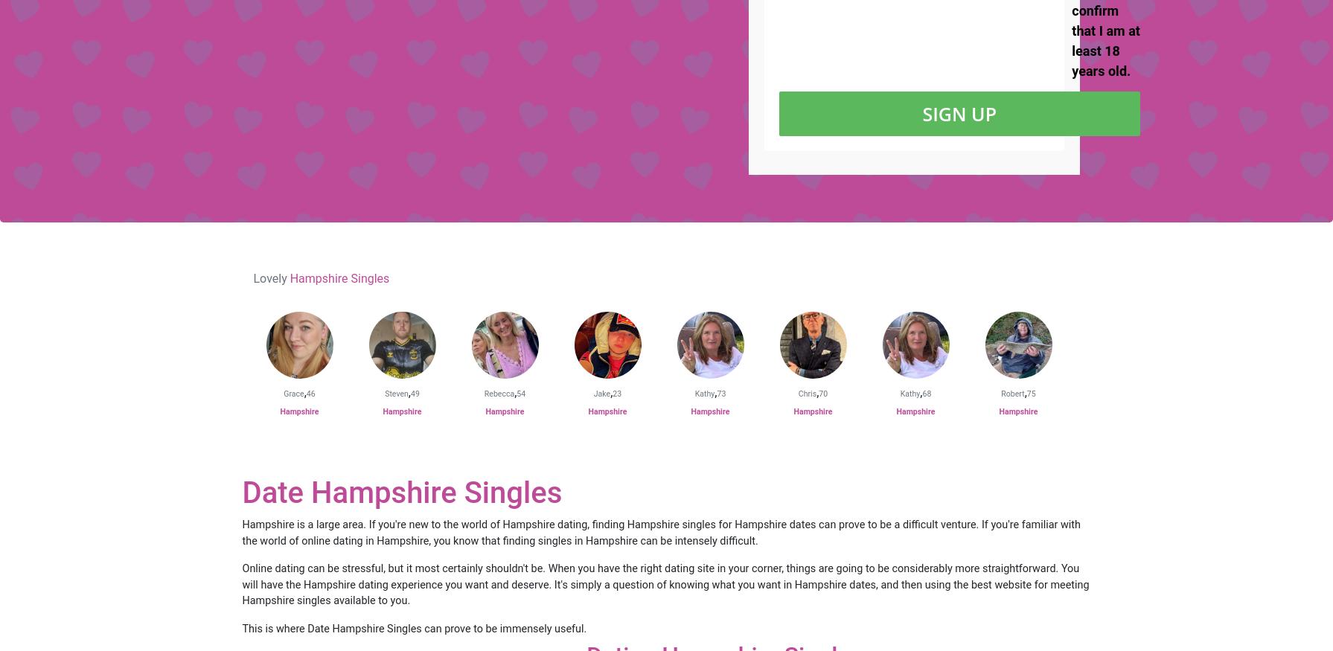  What do you see at coordinates (796, 393) in the screenshot?
I see `'Chris'` at bounding box center [796, 393].